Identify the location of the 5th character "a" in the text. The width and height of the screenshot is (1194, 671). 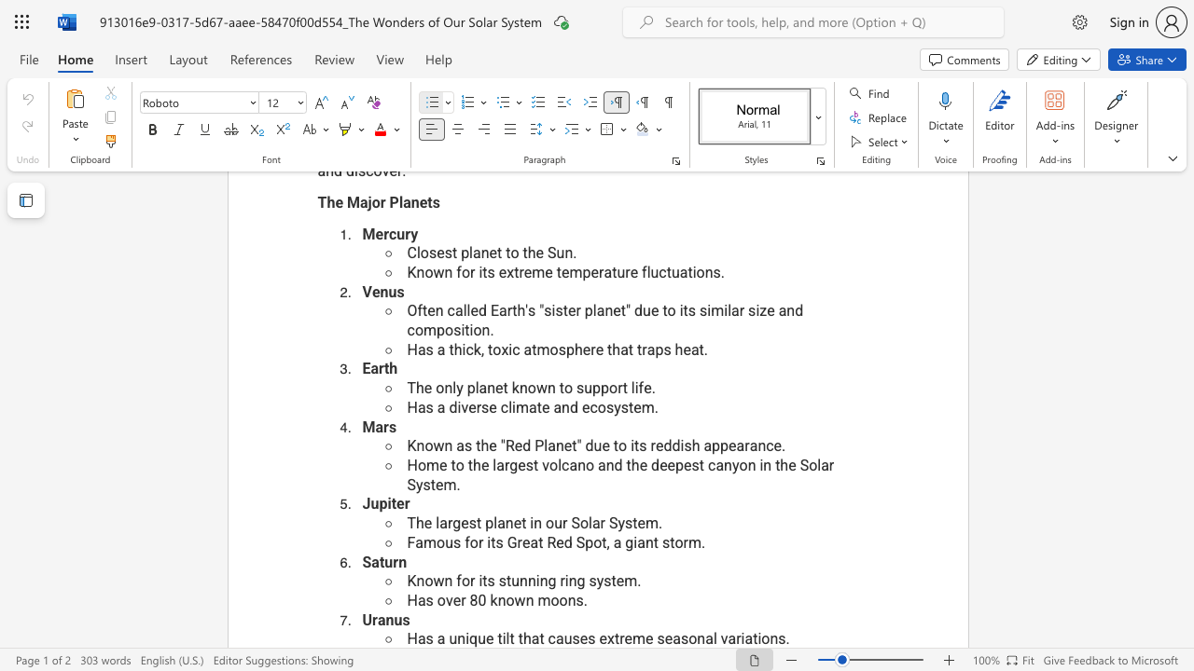
(675, 637).